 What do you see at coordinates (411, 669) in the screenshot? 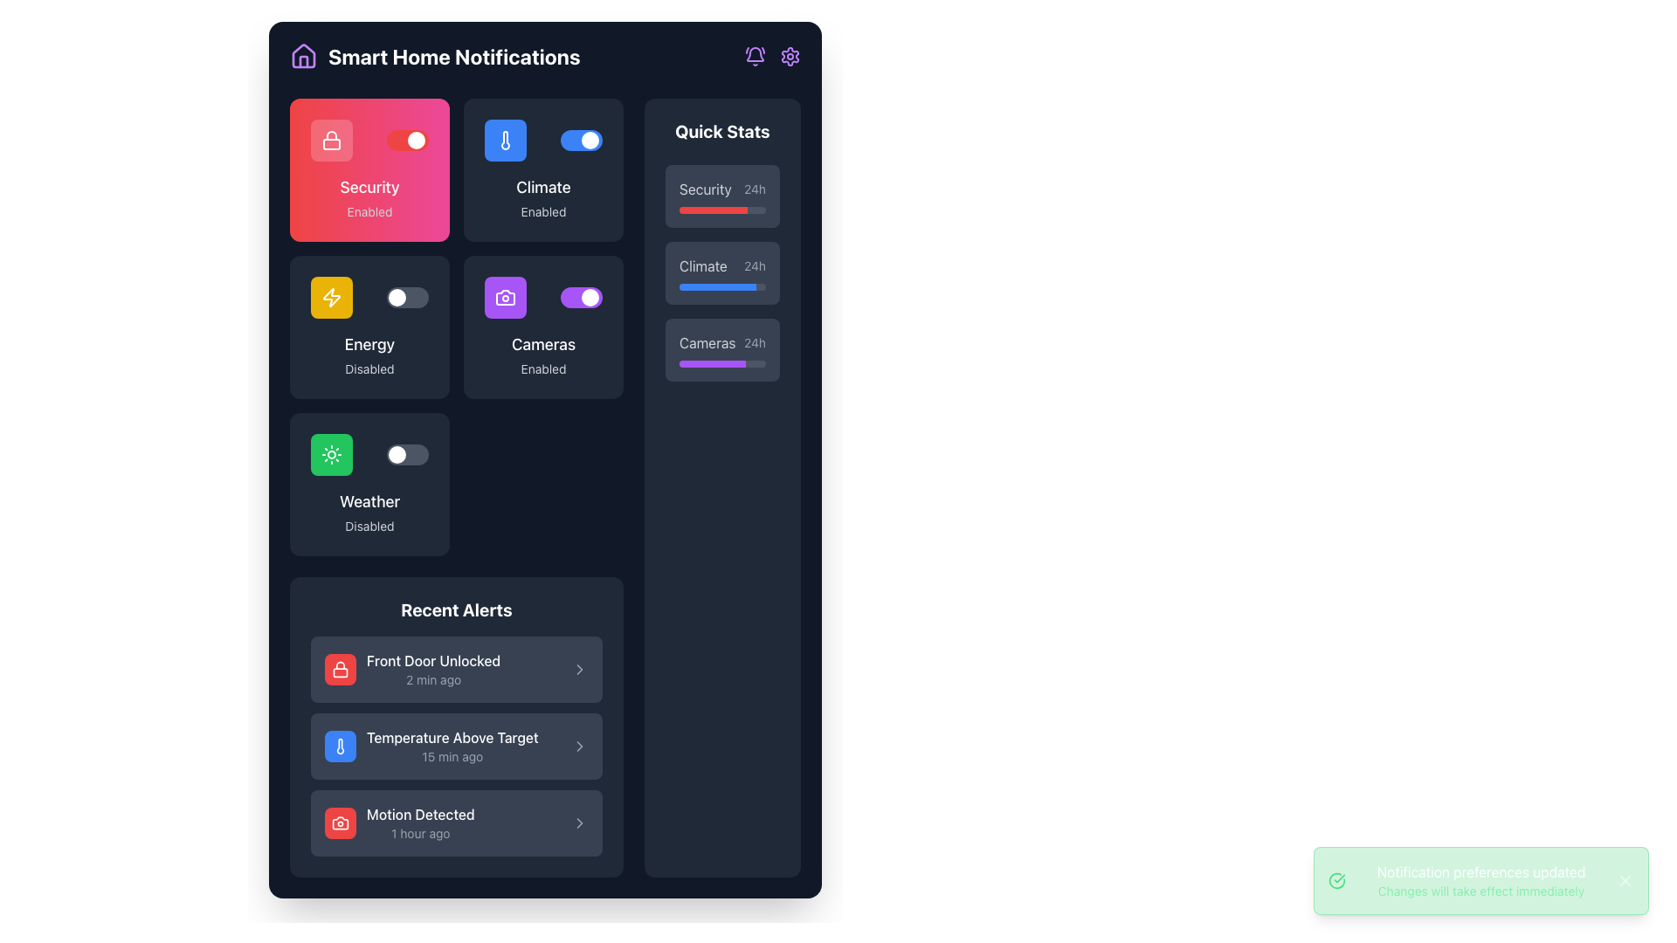
I see `the notification item indicating that the front door is unlocked` at bounding box center [411, 669].